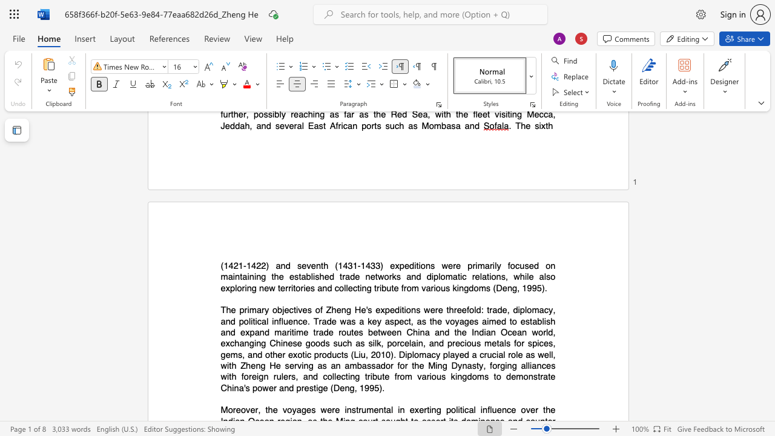 The image size is (775, 436). I want to click on the subset text "The pr" within the text "The primary", so click(220, 309).